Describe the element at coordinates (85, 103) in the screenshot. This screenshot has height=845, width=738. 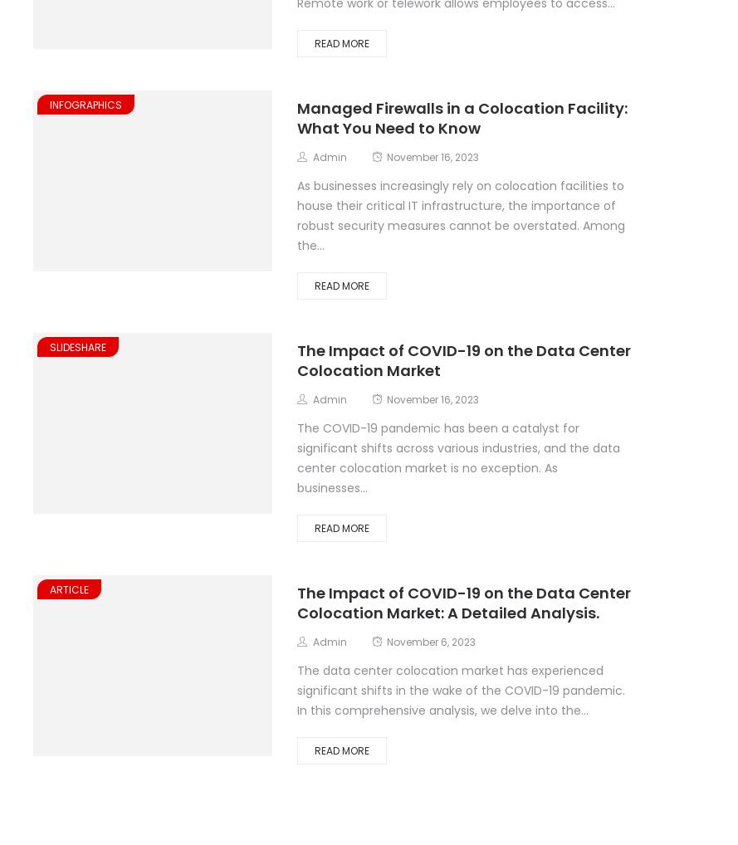
I see `'Infographics'` at that location.